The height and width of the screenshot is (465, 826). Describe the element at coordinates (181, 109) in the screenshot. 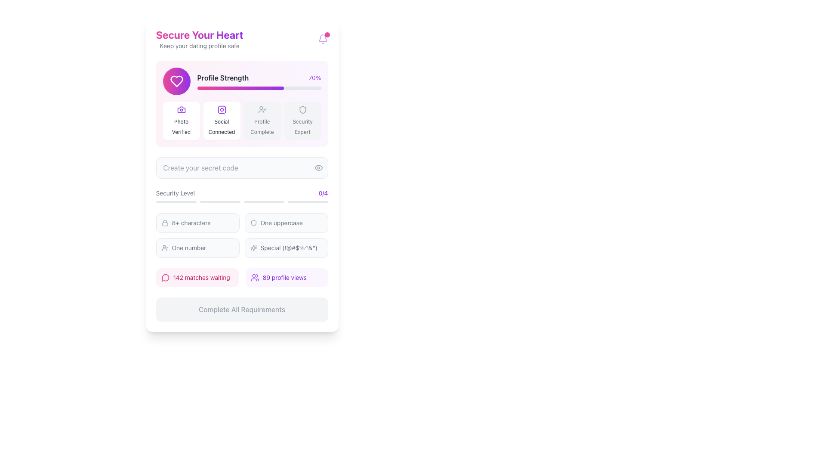

I see `the photo verification icon, which visually represents a camera feature and is the first icon in the horizontal row of profile enhancement features, located at the top section of the card UI` at that location.